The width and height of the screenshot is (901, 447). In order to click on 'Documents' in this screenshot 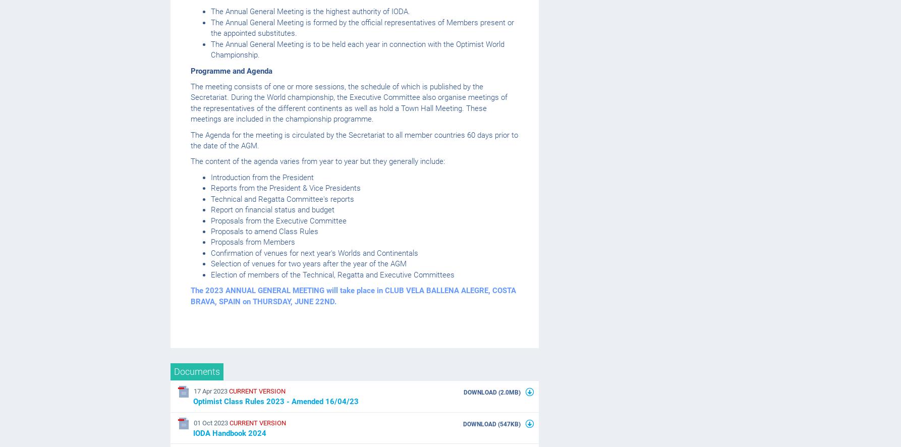, I will do `click(174, 371)`.